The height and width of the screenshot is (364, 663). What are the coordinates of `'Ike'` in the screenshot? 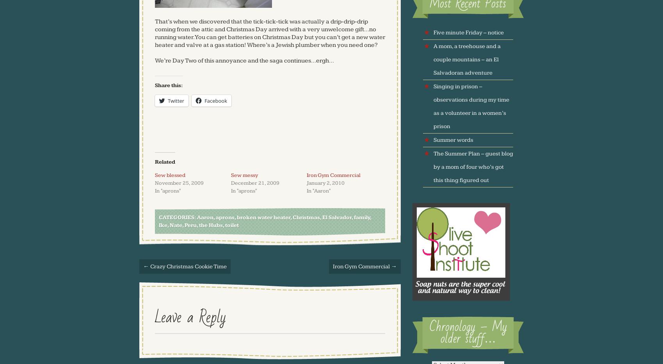 It's located at (163, 225).